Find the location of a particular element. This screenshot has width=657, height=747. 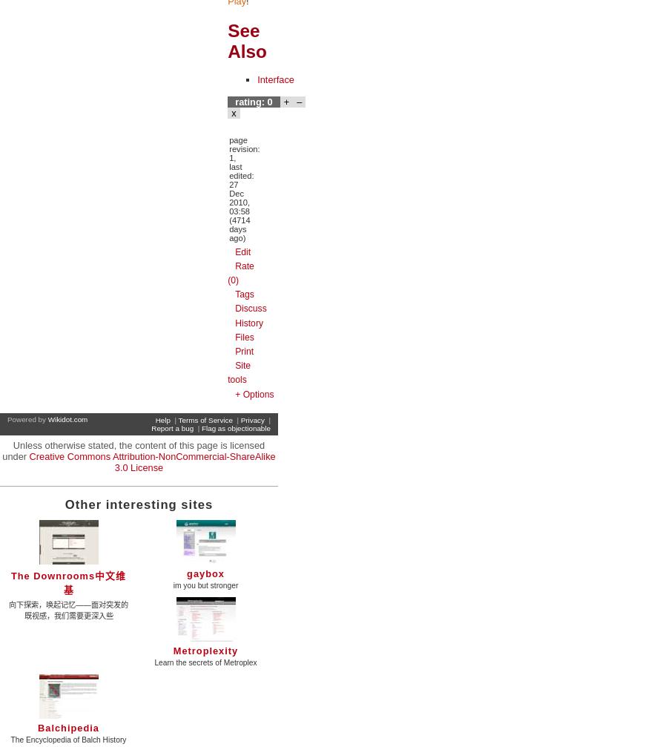

'+' is located at coordinates (286, 101).